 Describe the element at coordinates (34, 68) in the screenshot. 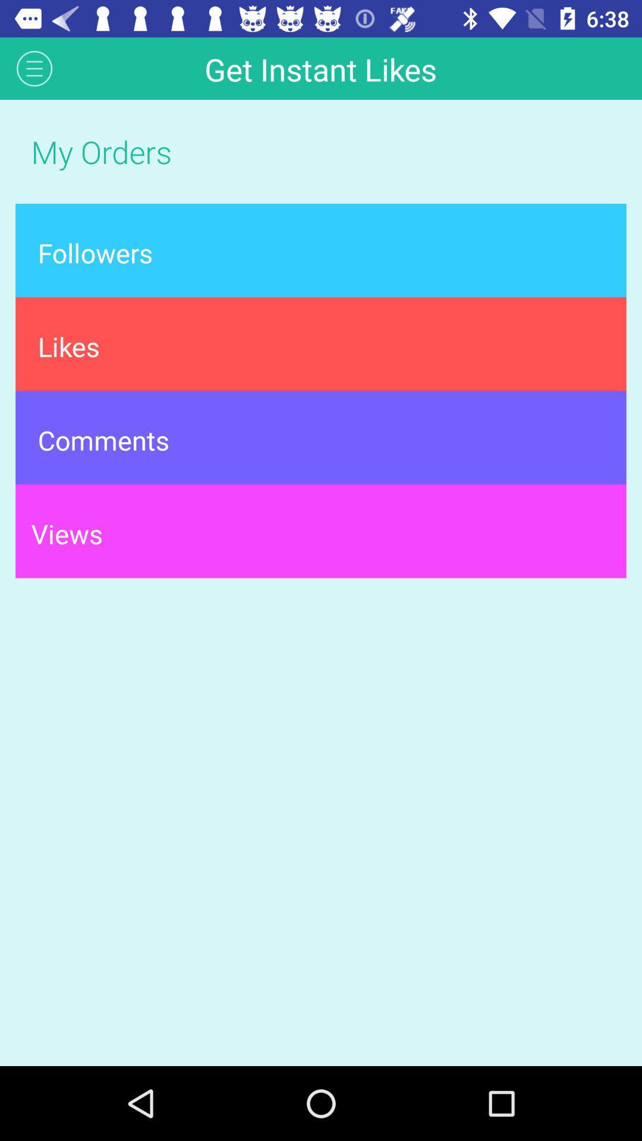

I see `app above the my orders` at that location.